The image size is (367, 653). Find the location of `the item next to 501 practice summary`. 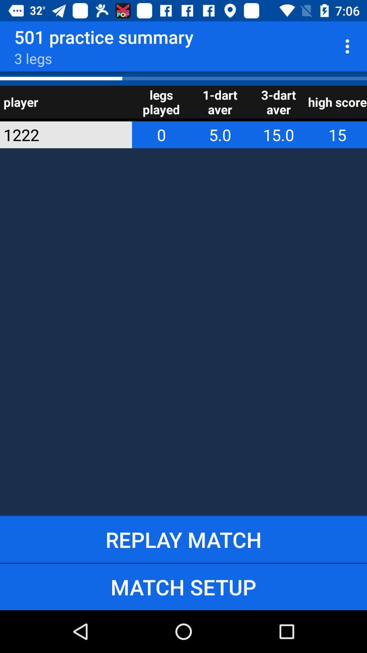

the item next to 501 practice summary is located at coordinates (349, 46).